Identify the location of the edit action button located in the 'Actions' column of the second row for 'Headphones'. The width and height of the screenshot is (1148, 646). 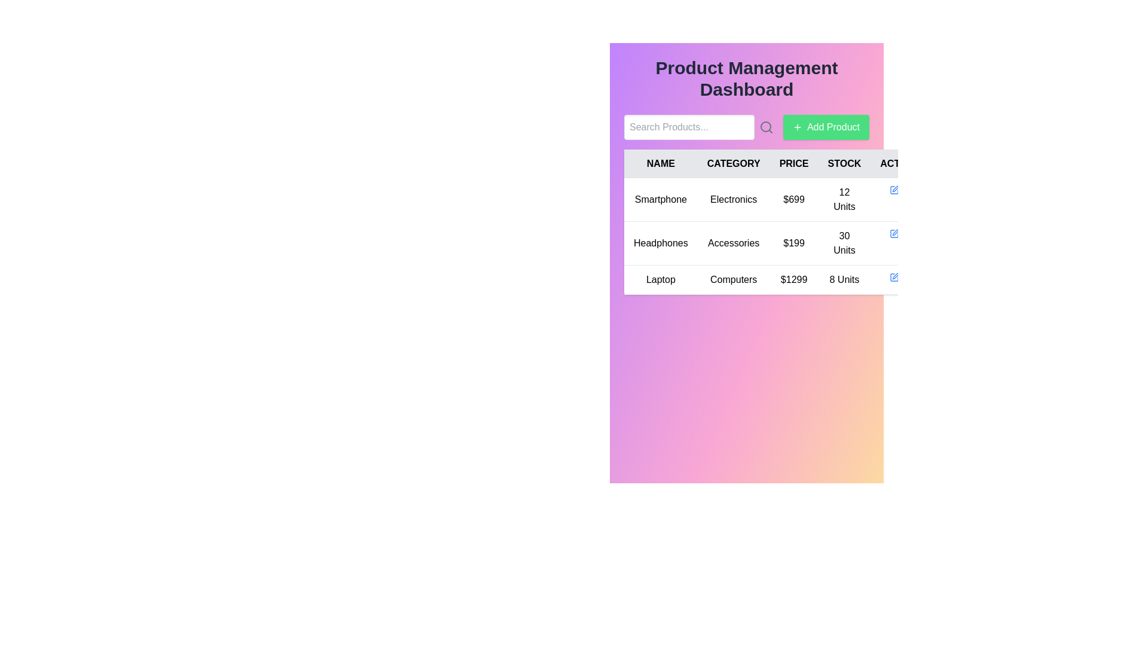
(894, 233).